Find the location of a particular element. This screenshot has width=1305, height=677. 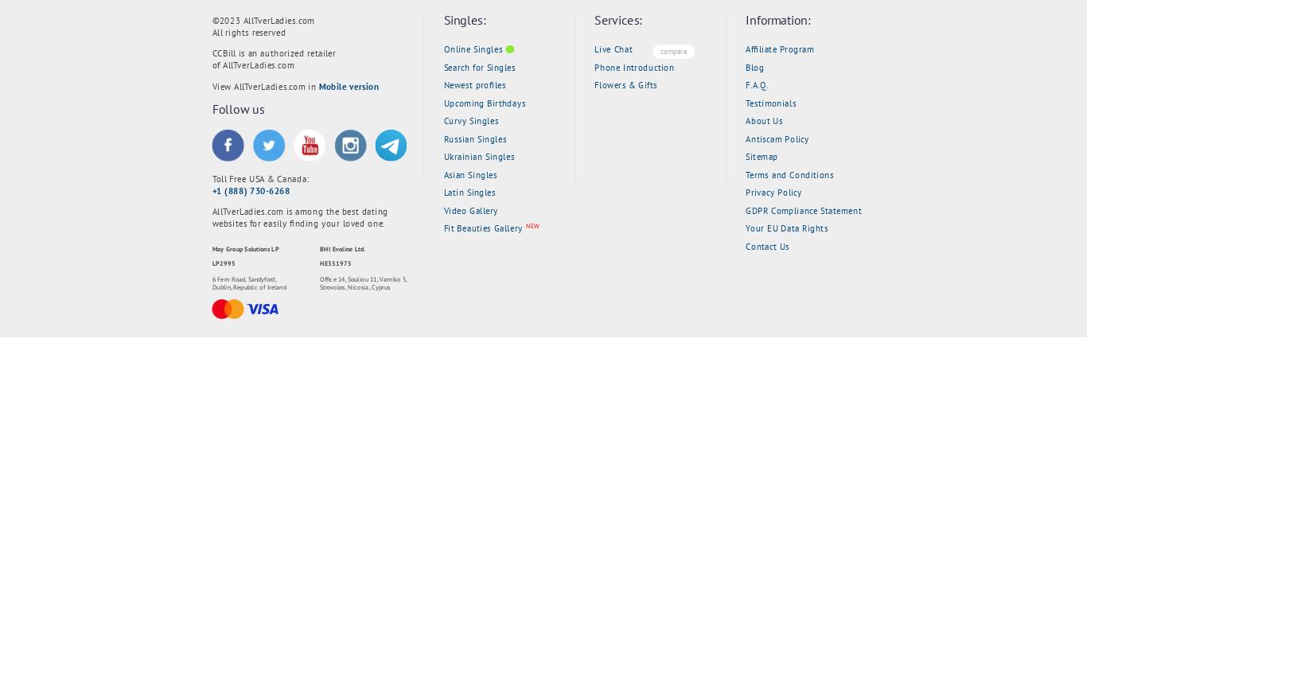

'Singles:' is located at coordinates (464, 19).